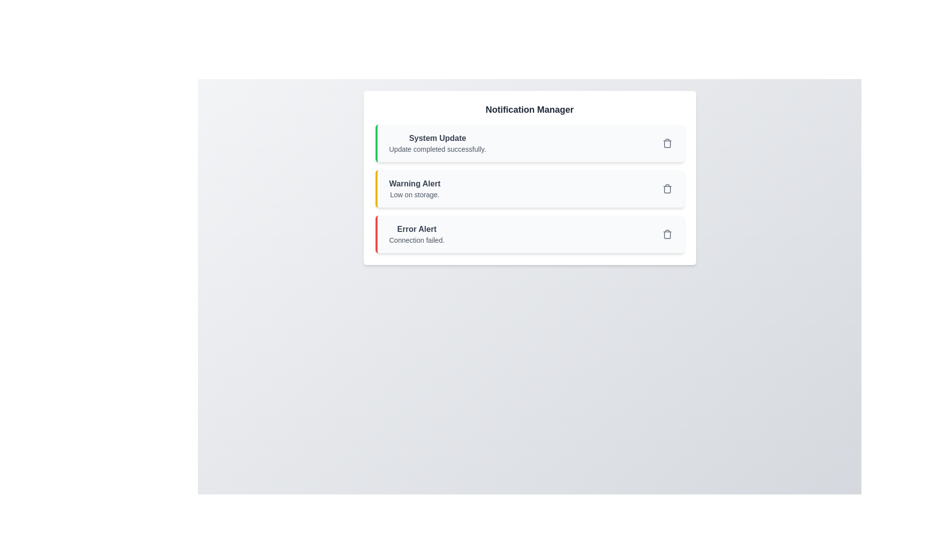 The image size is (950, 534). Describe the element at coordinates (529, 177) in the screenshot. I see `the second warning notification card in the 'Notification Manager' section` at that location.